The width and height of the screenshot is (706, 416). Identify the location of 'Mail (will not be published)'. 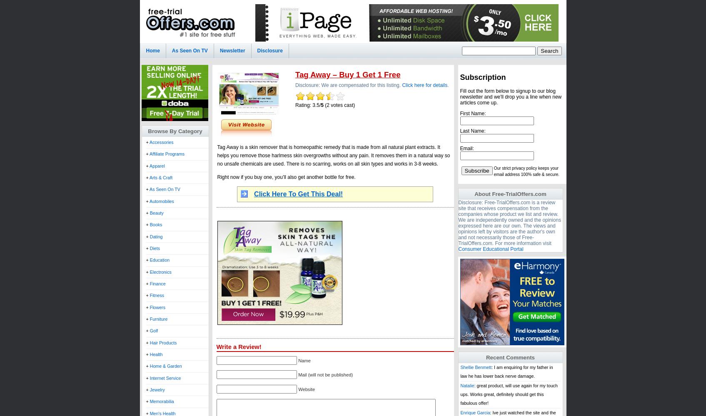
(325, 375).